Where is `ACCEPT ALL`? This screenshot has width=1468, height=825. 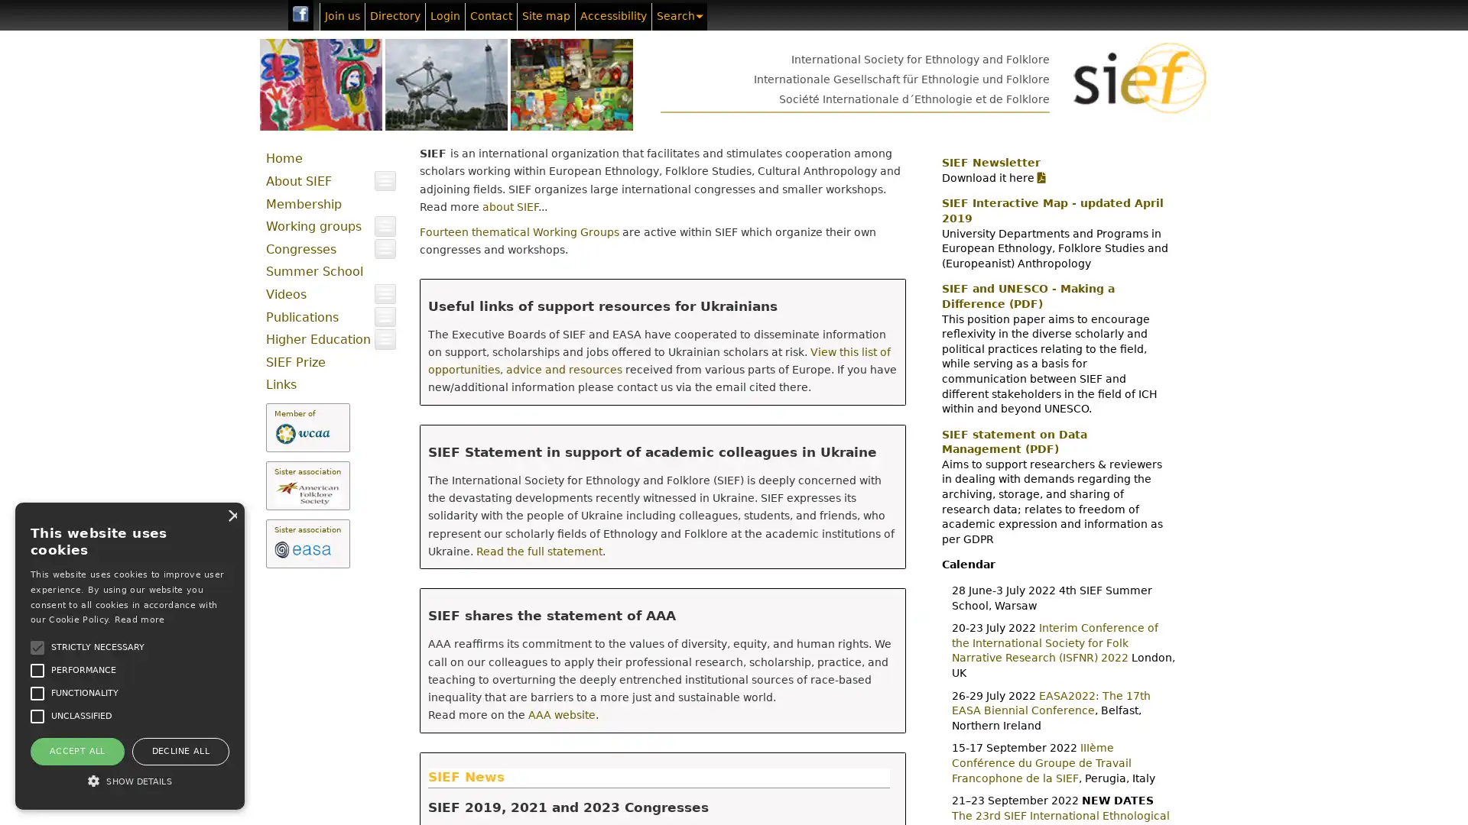
ACCEPT ALL is located at coordinates (76, 750).